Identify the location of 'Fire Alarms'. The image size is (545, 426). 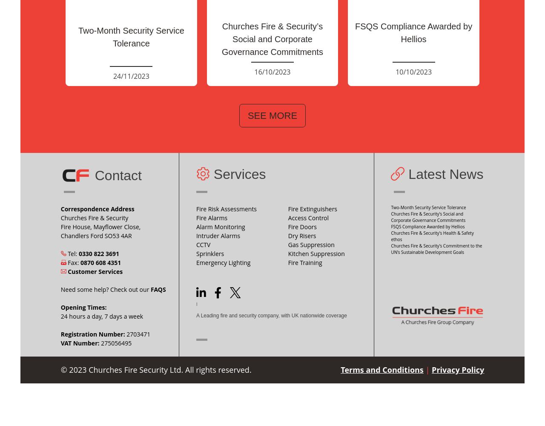
(212, 217).